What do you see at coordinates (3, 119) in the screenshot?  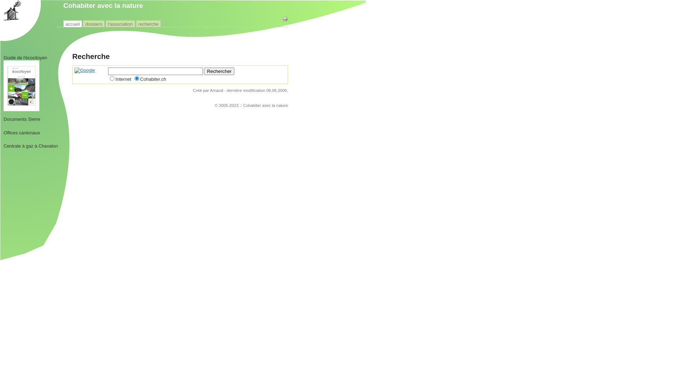 I see `'Documents Sierre'` at bounding box center [3, 119].